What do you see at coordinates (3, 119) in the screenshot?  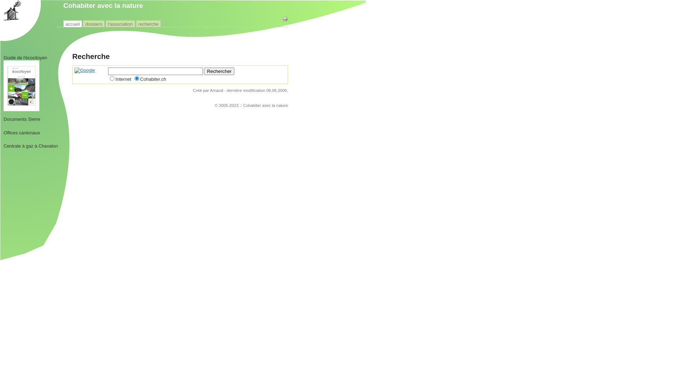 I see `'Documents Sierre'` at bounding box center [3, 119].